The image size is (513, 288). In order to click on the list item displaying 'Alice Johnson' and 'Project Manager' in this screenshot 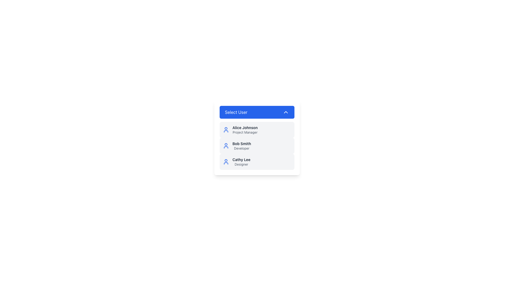, I will do `click(245, 130)`.